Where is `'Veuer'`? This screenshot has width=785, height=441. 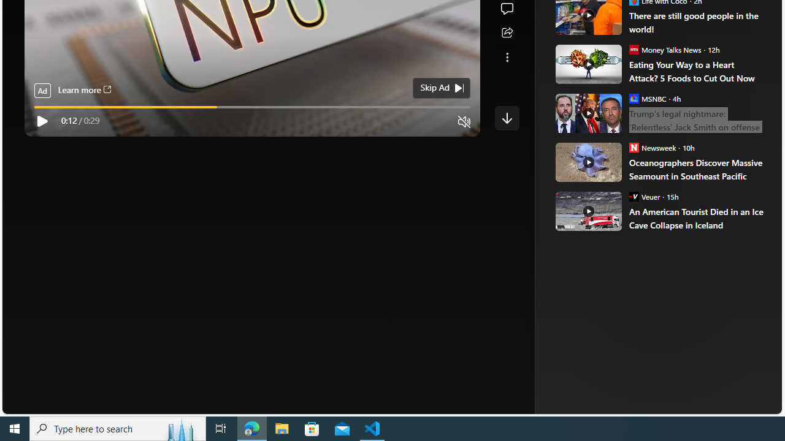 'Veuer' is located at coordinates (634, 195).